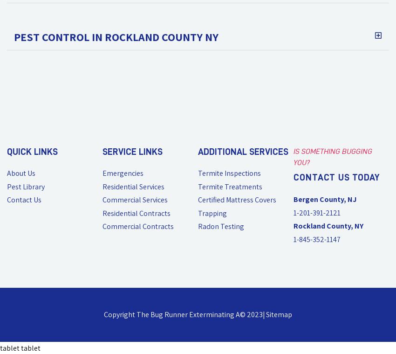 The width and height of the screenshot is (396, 354). I want to click on 'Termite Inspections', so click(229, 173).